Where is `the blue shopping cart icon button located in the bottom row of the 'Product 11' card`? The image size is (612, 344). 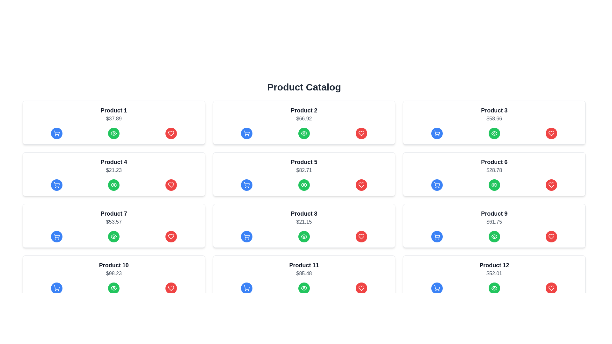 the blue shopping cart icon button located in the bottom row of the 'Product 11' card is located at coordinates (246, 287).